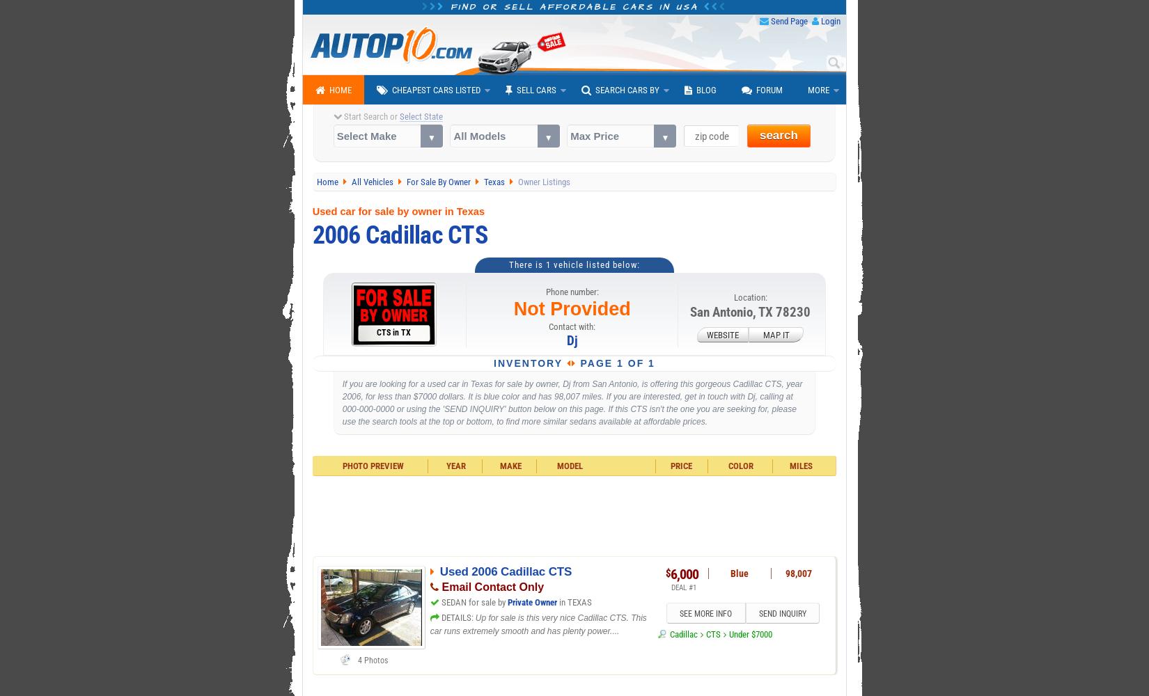  What do you see at coordinates (536, 90) in the screenshot?
I see `'Sell Cars'` at bounding box center [536, 90].